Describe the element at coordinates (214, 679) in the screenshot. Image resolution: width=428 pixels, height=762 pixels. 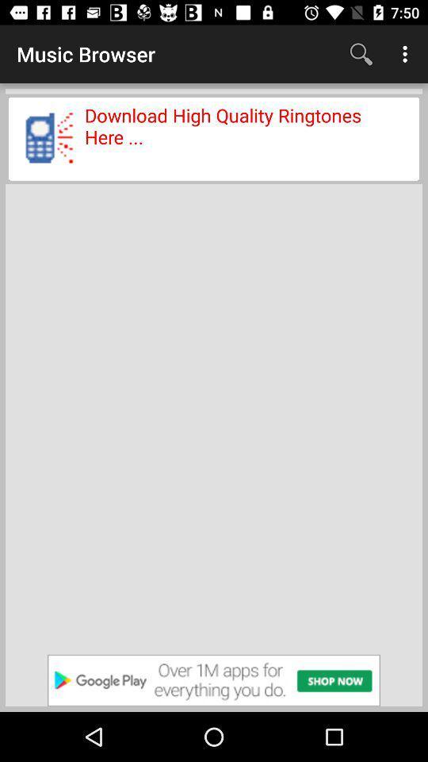
I see `advertising` at that location.